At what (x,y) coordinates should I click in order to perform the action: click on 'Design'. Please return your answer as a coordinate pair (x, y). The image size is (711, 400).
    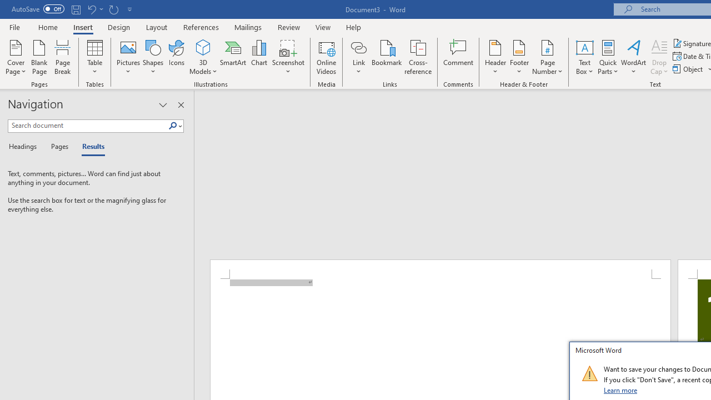
    Looking at the image, I should click on (119, 27).